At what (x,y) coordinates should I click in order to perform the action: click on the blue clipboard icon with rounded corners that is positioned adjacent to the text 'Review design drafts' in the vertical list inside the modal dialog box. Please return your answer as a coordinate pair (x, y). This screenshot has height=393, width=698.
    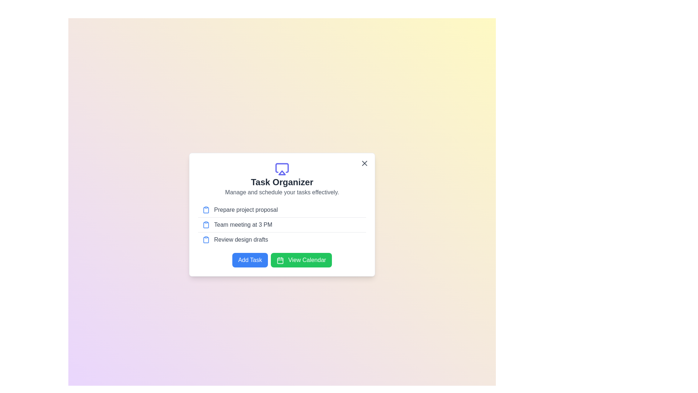
    Looking at the image, I should click on (205, 240).